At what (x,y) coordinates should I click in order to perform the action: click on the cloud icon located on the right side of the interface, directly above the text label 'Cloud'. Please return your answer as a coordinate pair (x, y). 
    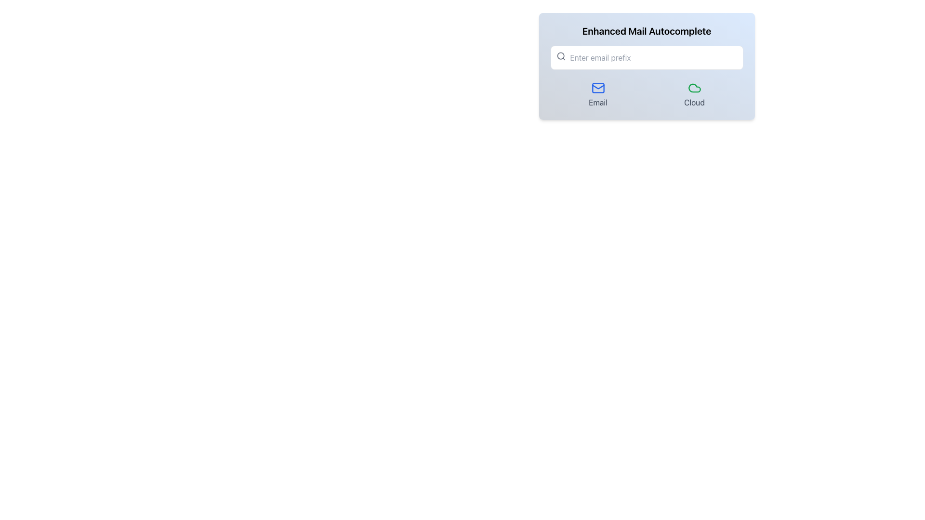
    Looking at the image, I should click on (694, 88).